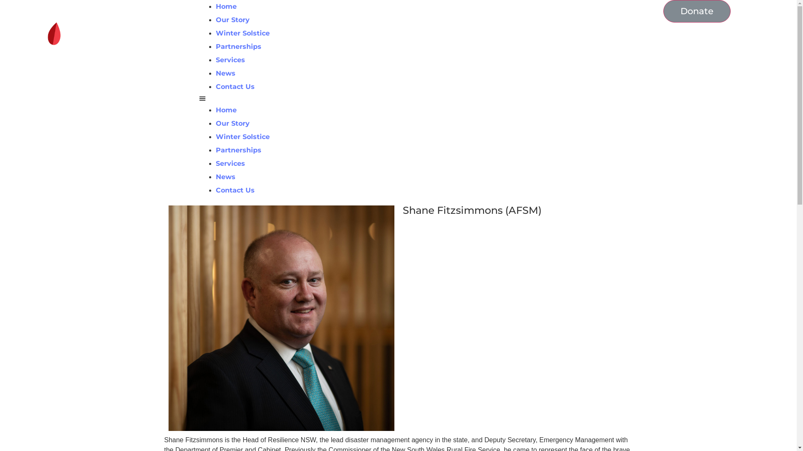  Describe the element at coordinates (230, 59) in the screenshot. I see `'Services'` at that location.